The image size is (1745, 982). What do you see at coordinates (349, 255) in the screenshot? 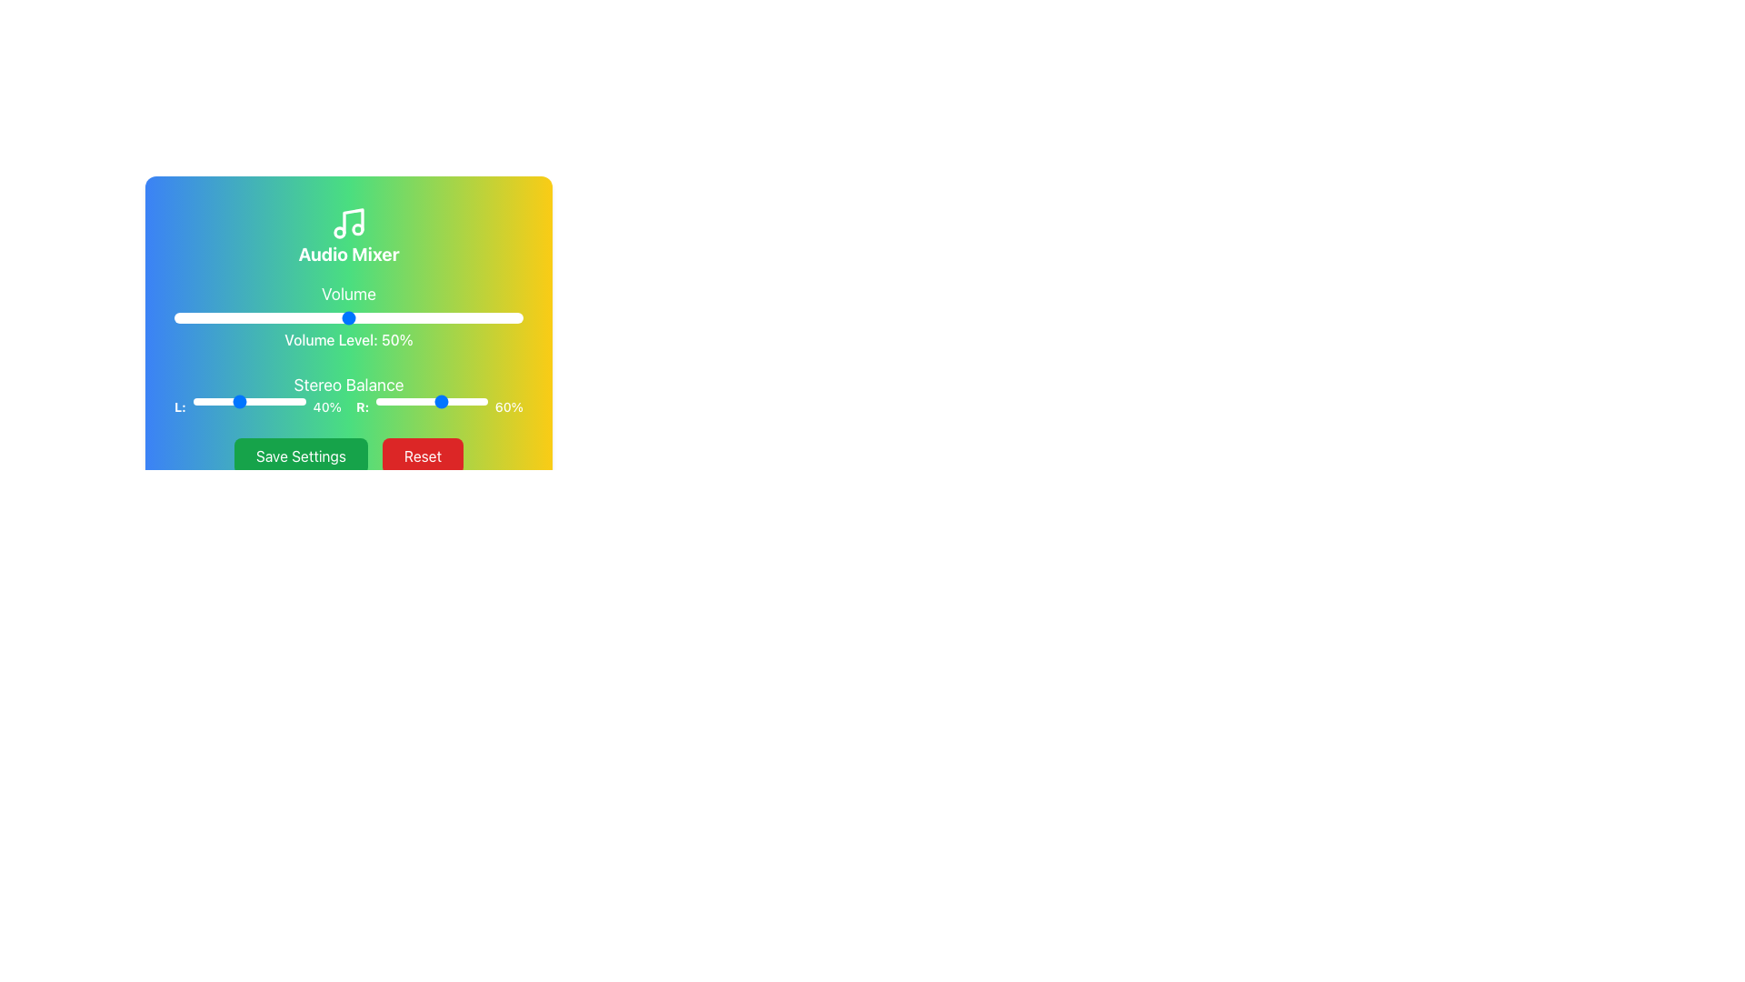
I see `the 'Audio Mixer' text block, which is prominently displayed in bold and large font, located at the top section of the audio mixer control interface` at bounding box center [349, 255].